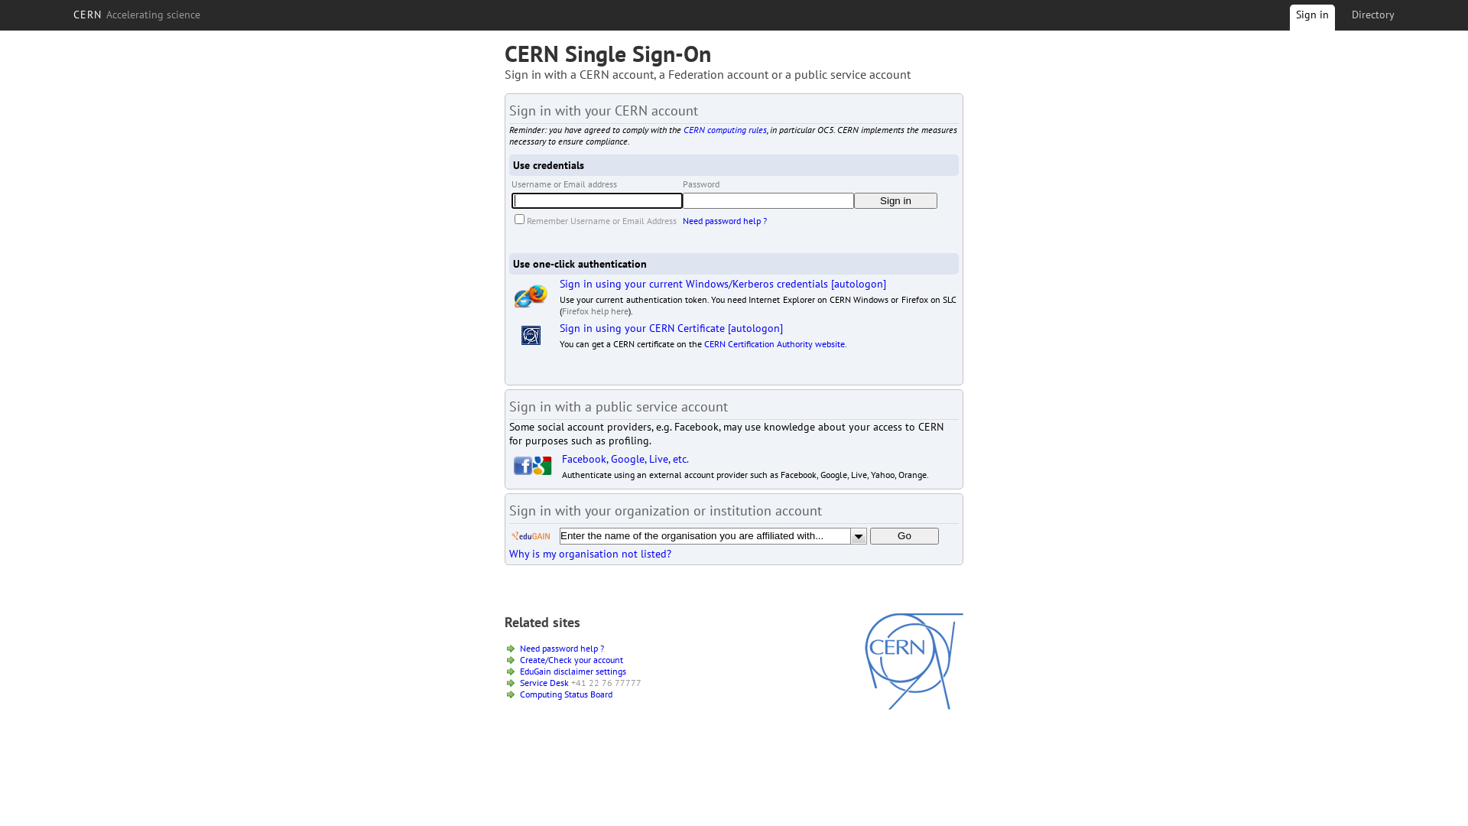  What do you see at coordinates (565, 694) in the screenshot?
I see `'Computing Status Board'` at bounding box center [565, 694].